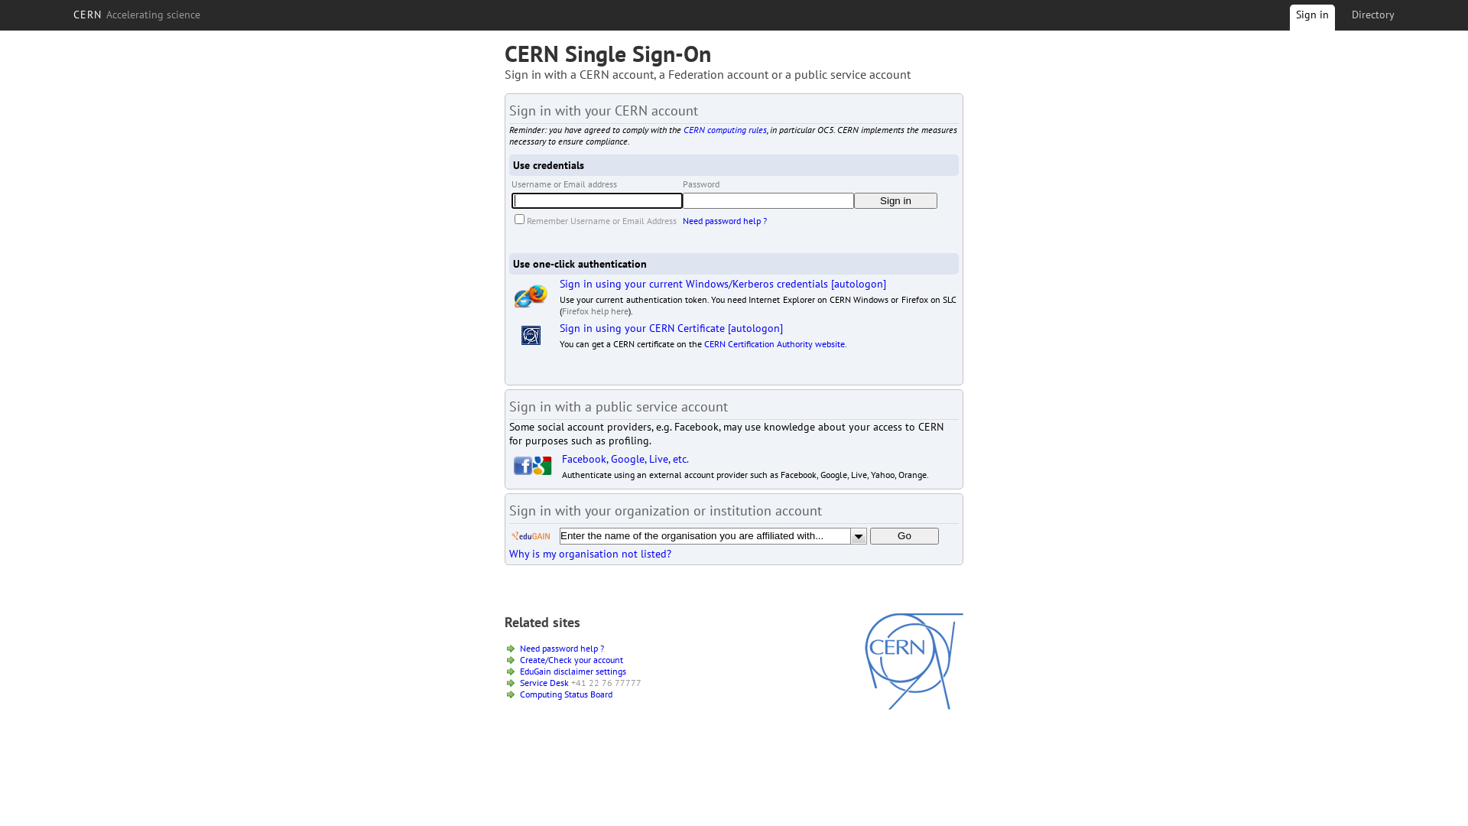  What do you see at coordinates (565, 694) in the screenshot?
I see `'Computing Status Board'` at bounding box center [565, 694].